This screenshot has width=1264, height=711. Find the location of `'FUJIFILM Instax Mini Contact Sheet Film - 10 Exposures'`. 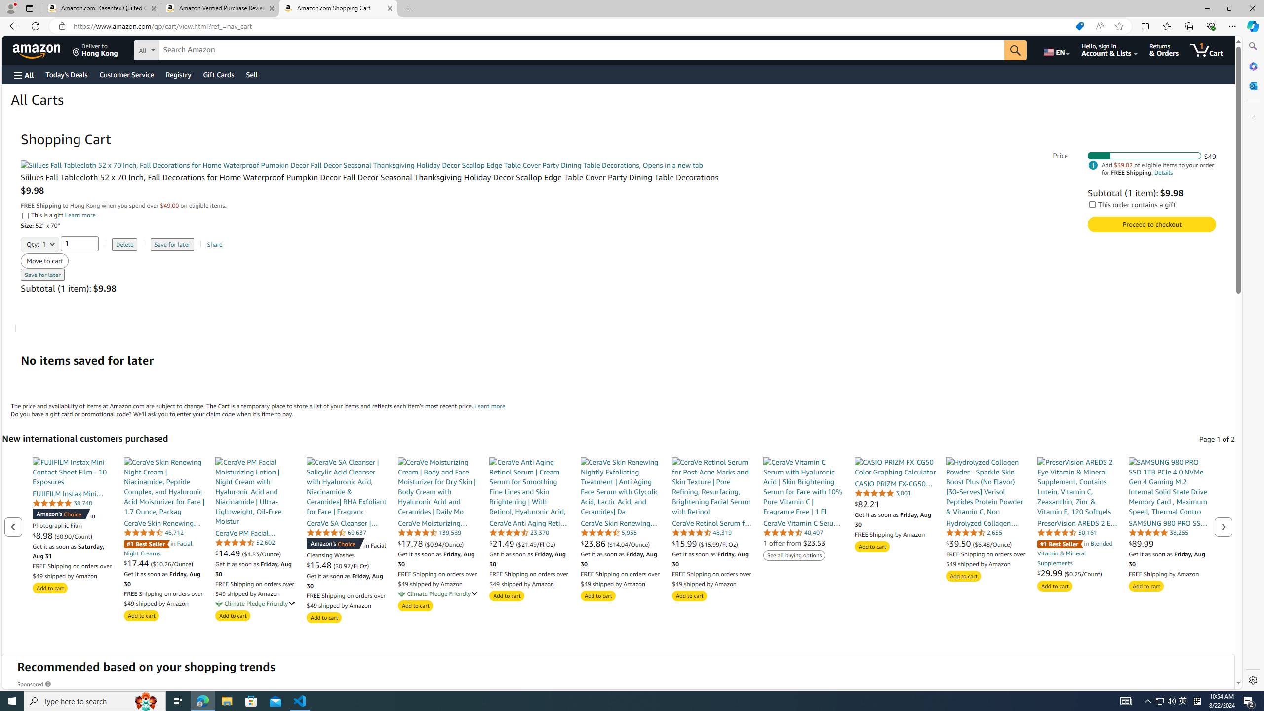

'FUJIFILM Instax Mini Contact Sheet Film - 10 Exposures' is located at coordinates (73, 471).